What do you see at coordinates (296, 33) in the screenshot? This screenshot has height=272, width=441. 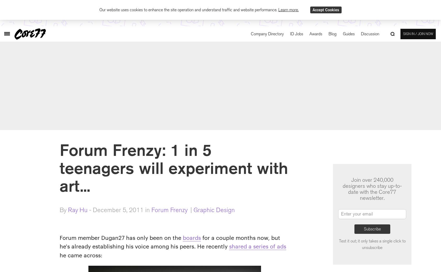 I see `'ID Jobs'` at bounding box center [296, 33].